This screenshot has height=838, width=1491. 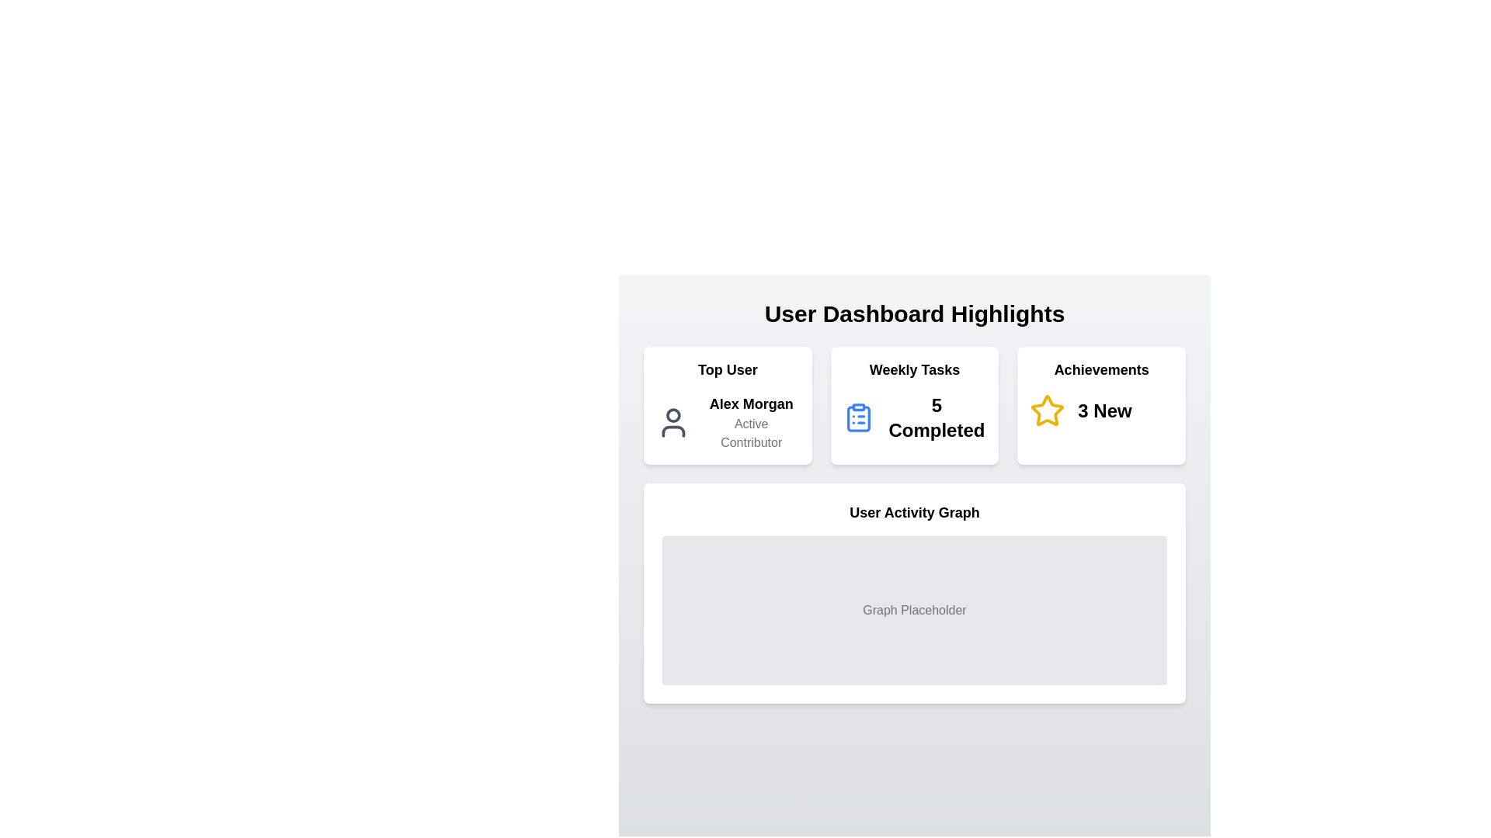 I want to click on the static text element displaying '3 New' which is positioned to the right of the star icon in the 'Achievements' card, so click(x=1104, y=410).